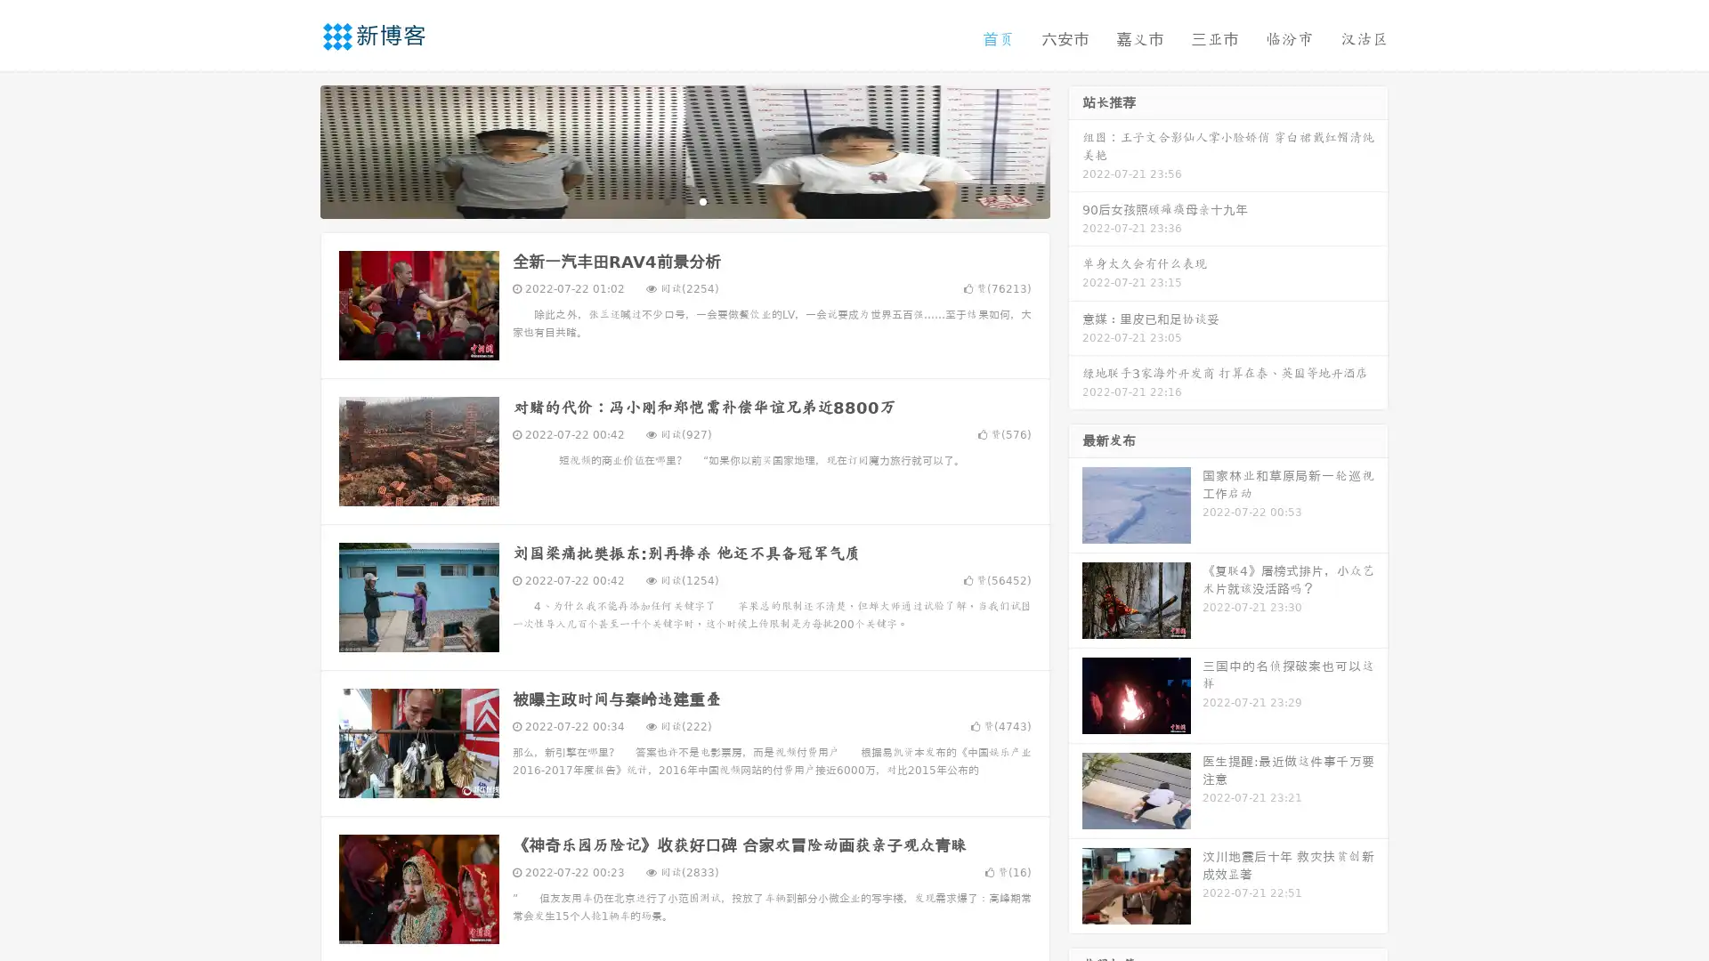 This screenshot has width=1709, height=961. I want to click on Next slide, so click(1075, 149).